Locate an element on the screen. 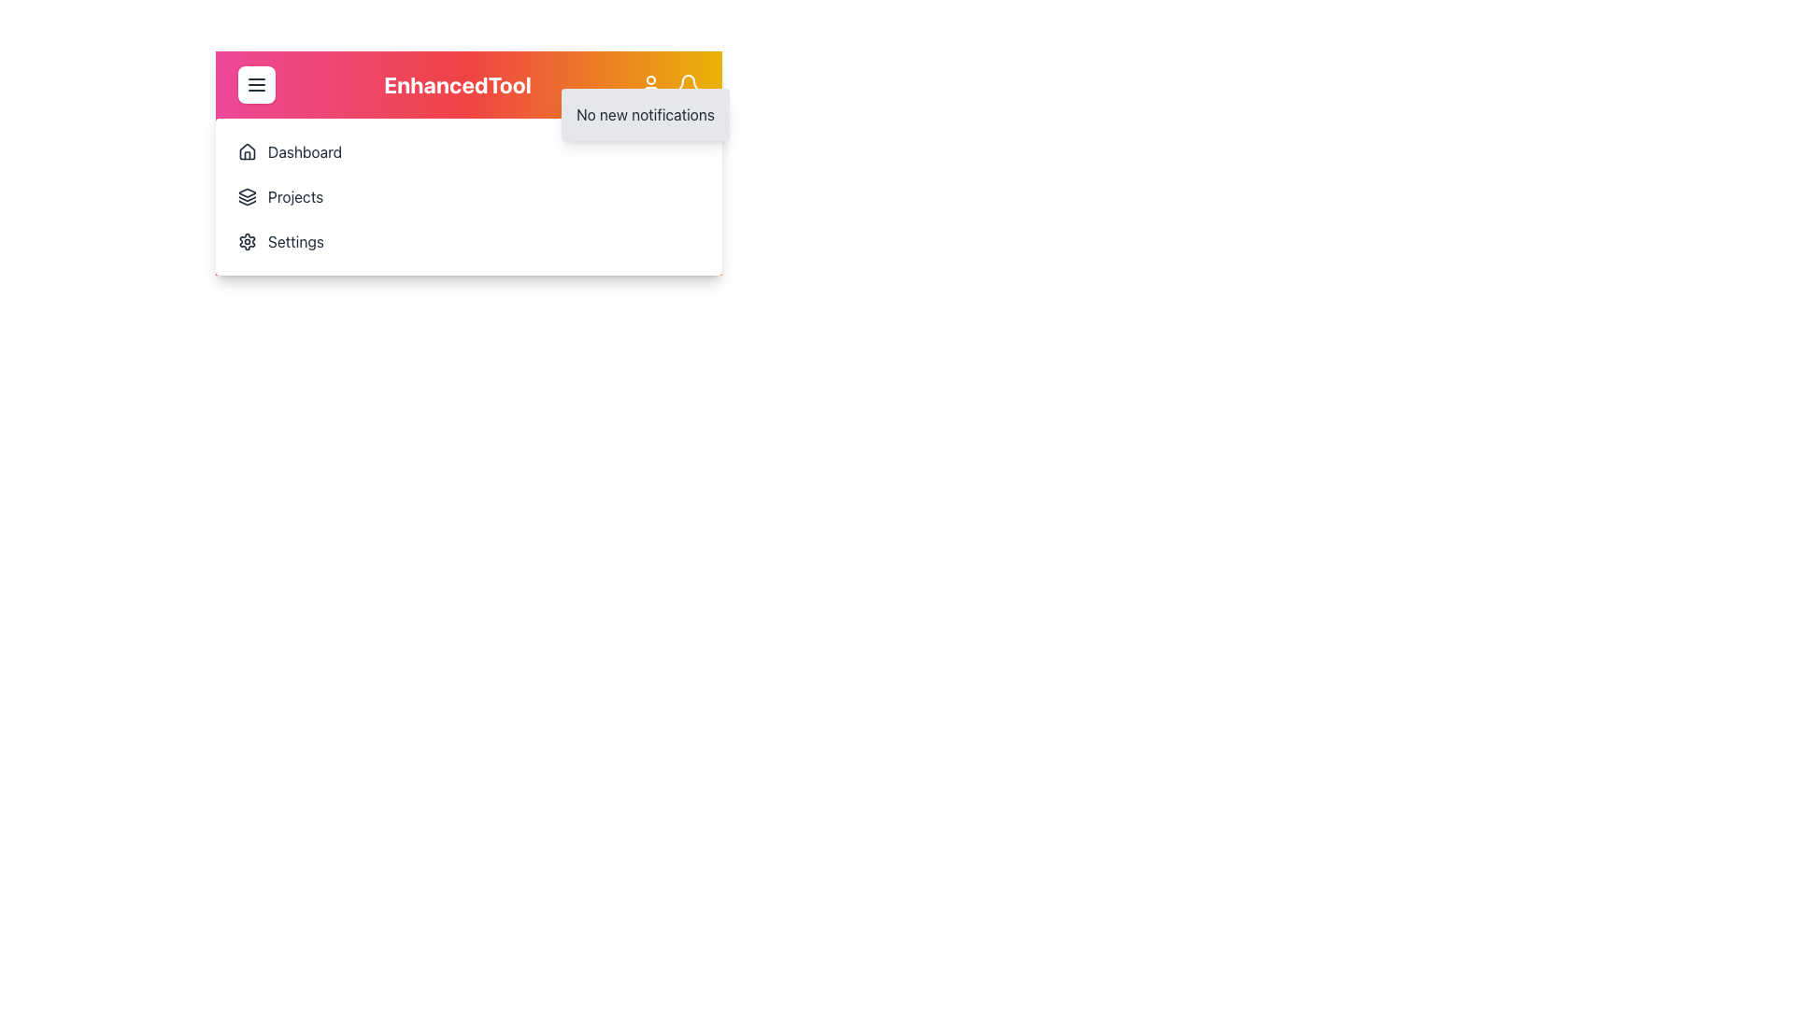 This screenshot has height=1009, width=1794. the user profile icon located at the top-right corner of the interface is located at coordinates (650, 85).